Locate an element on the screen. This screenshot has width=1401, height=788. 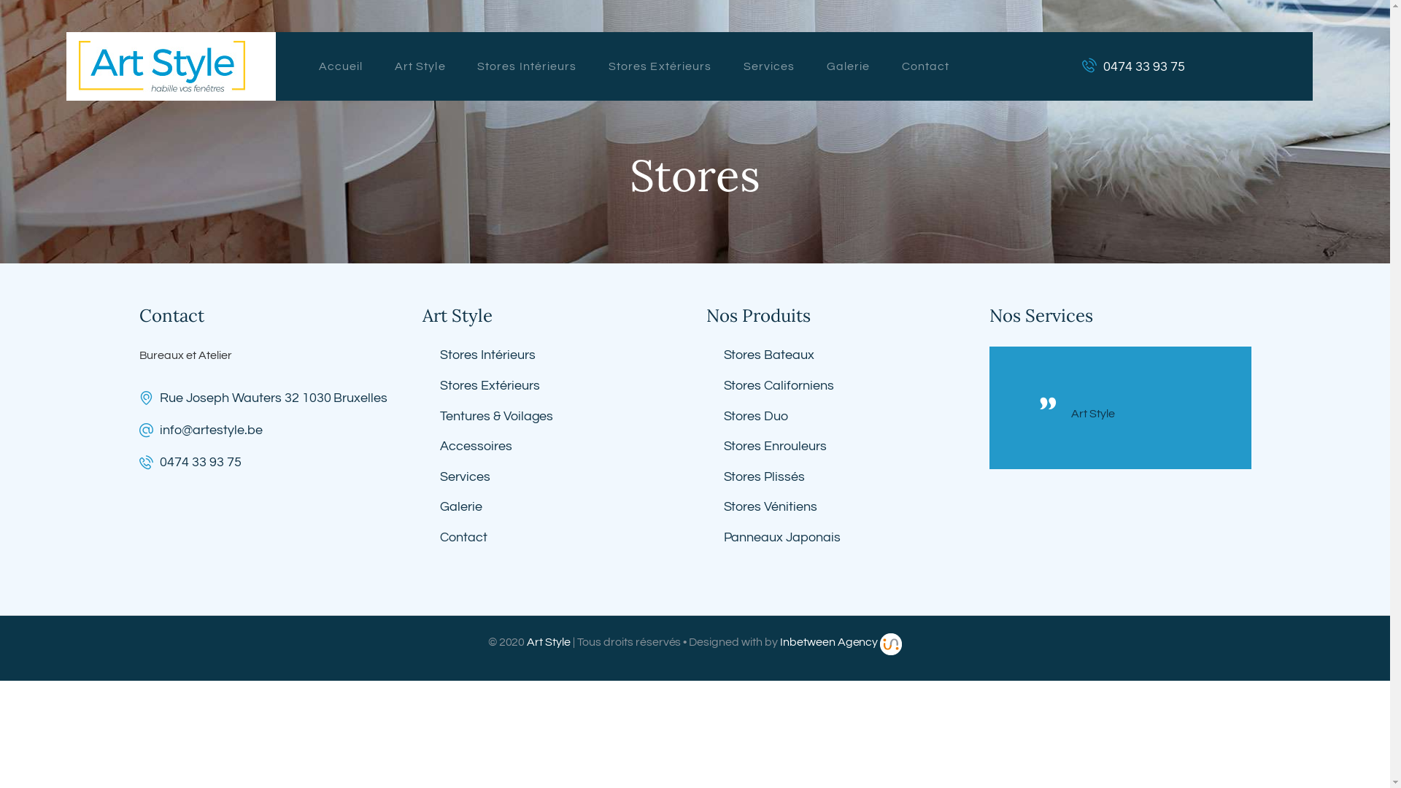
'Accueil' is located at coordinates (339, 66).